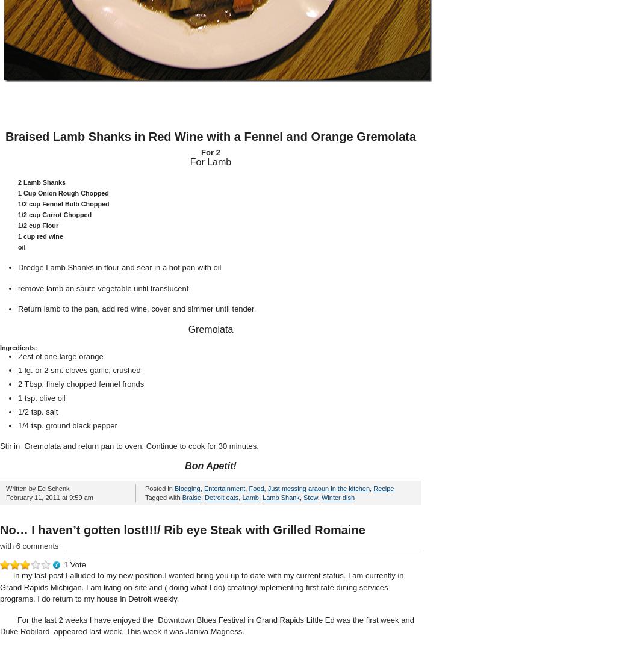 This screenshot has height=648, width=619. What do you see at coordinates (221, 498) in the screenshot?
I see `'Detroit eats'` at bounding box center [221, 498].